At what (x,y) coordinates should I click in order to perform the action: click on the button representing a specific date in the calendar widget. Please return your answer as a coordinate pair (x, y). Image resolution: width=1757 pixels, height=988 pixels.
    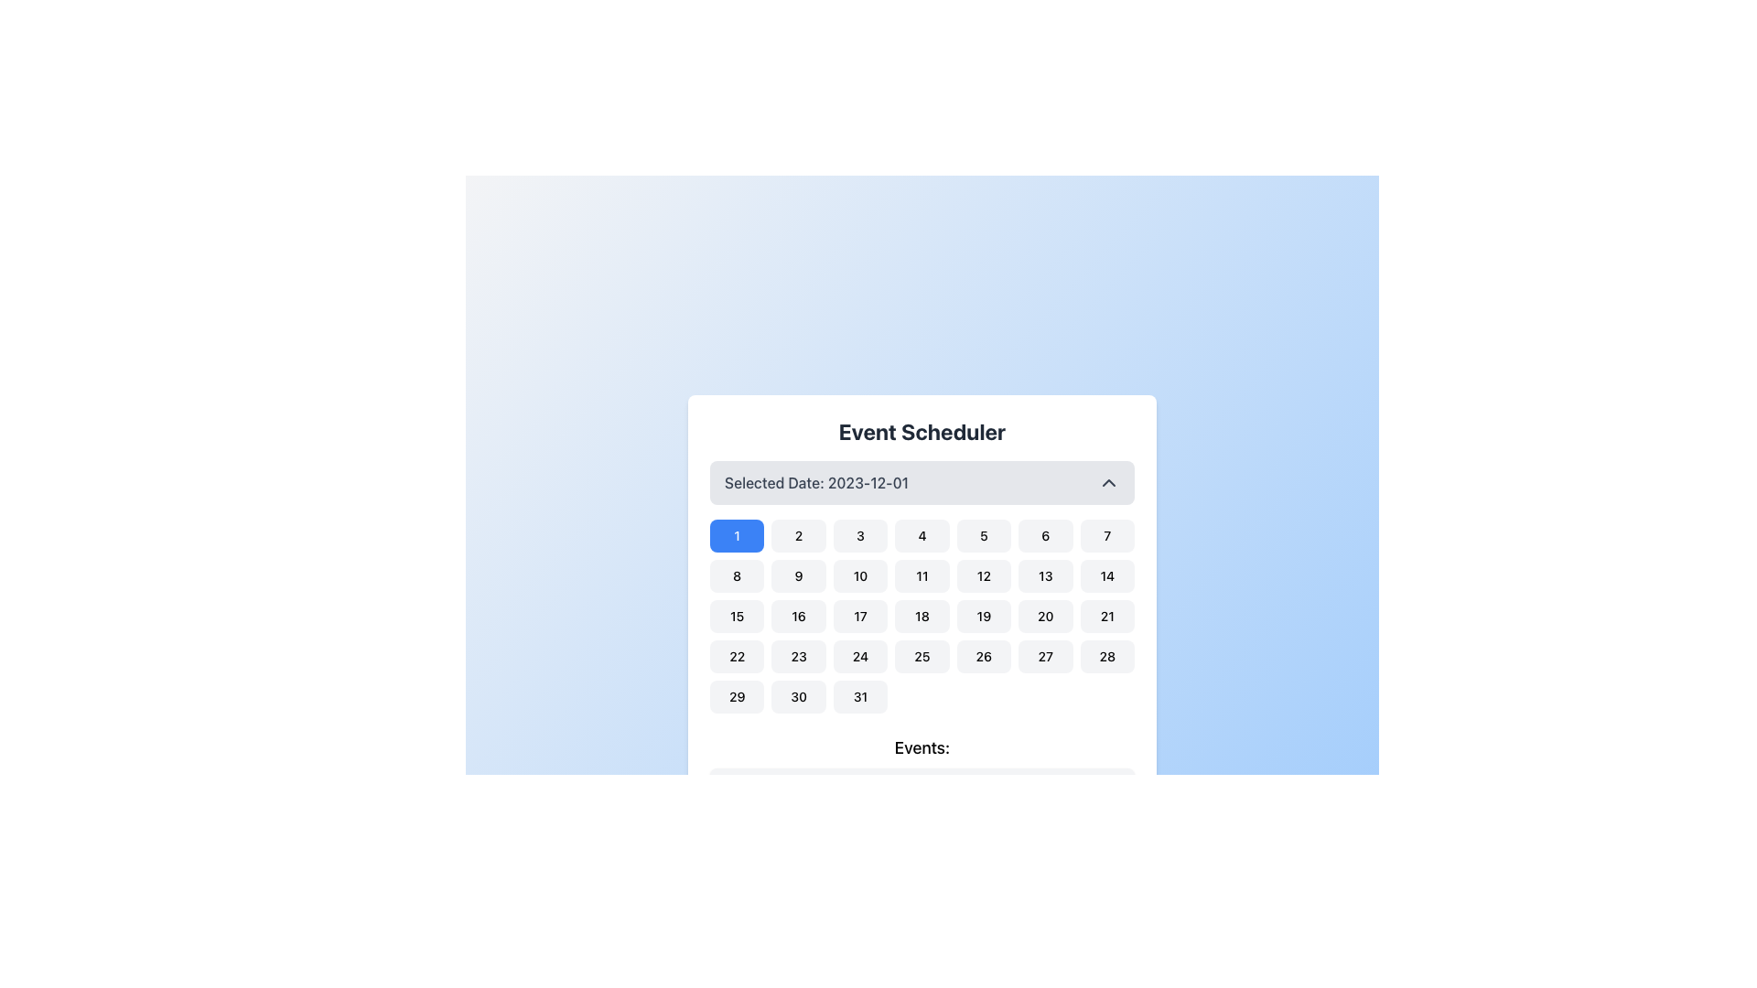
    Looking at the image, I should click on (737, 655).